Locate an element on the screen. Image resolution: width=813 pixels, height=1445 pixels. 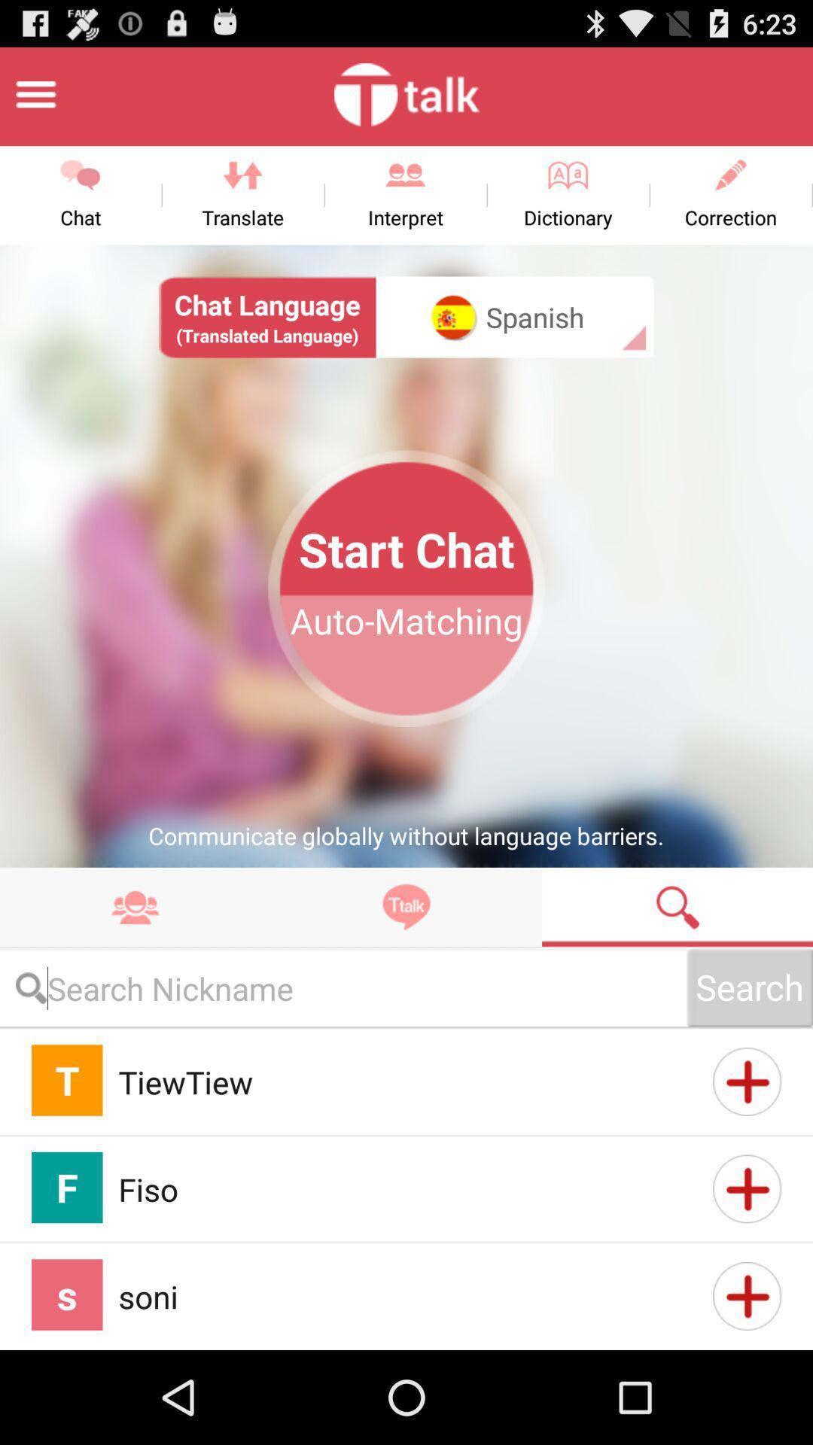
for more information is located at coordinates (747, 1295).